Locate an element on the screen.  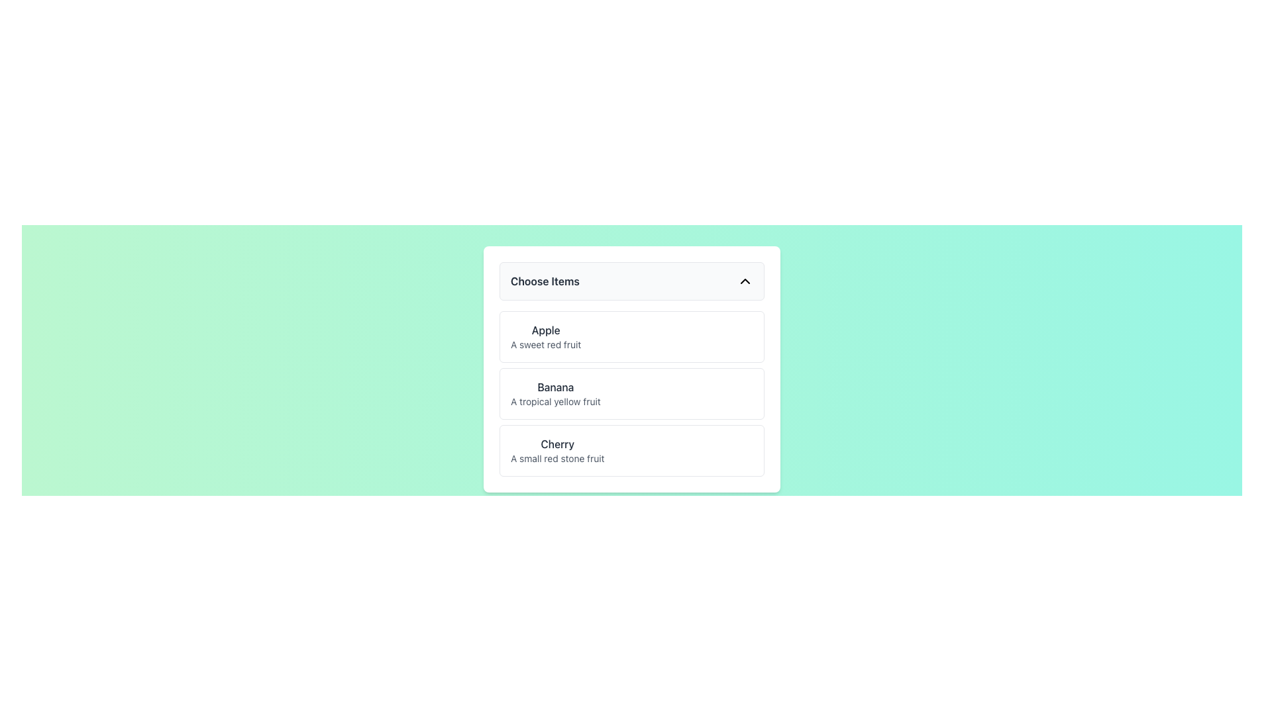
the text label that reads 'A tropical yellow fruit', which is styled in soft gray and positioned below the bold 'Banana' label in the 'Choose Items' section is located at coordinates (555, 401).